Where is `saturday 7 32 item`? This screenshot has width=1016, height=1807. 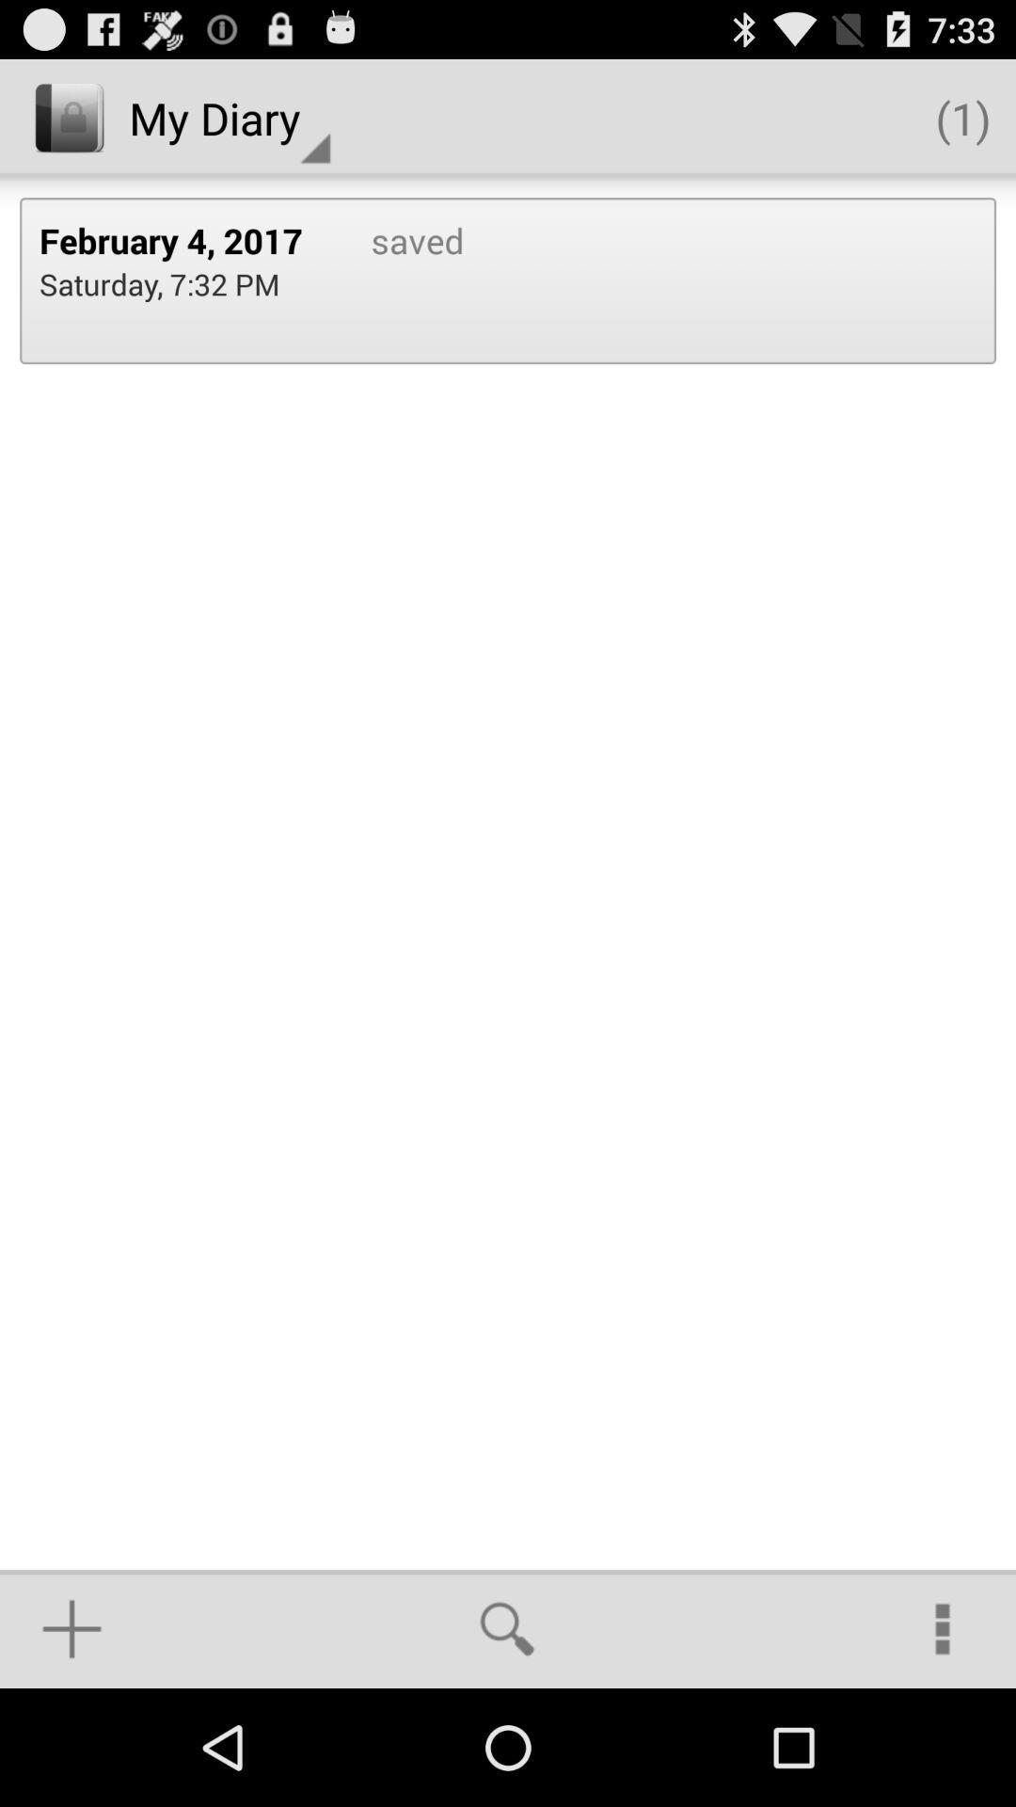
saturday 7 32 item is located at coordinates (158, 282).